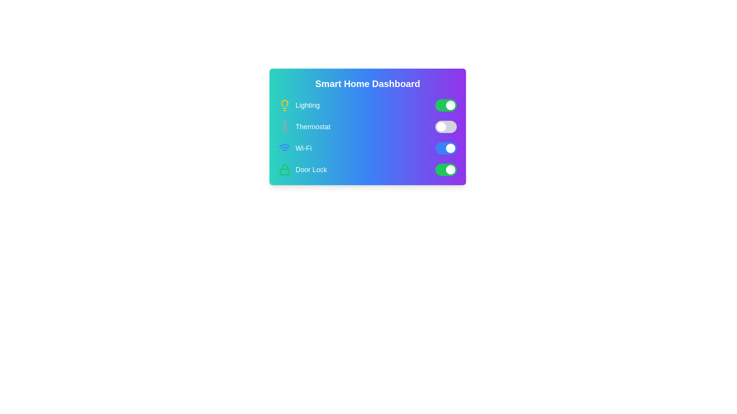 This screenshot has height=414, width=737. Describe the element at coordinates (284, 166) in the screenshot. I see `properties of the curved line element that forms part of the lock icon in the 'Door Lock' section of the interface` at that location.